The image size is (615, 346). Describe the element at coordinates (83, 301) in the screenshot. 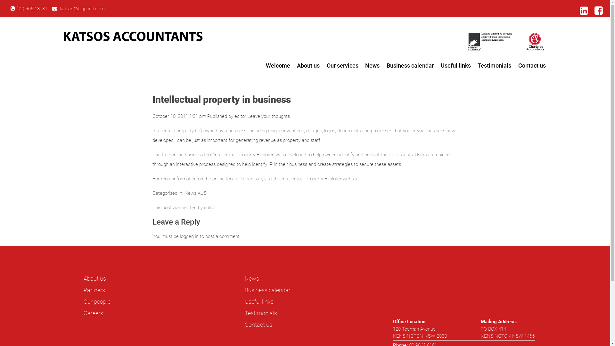

I see `'Our people'` at that location.